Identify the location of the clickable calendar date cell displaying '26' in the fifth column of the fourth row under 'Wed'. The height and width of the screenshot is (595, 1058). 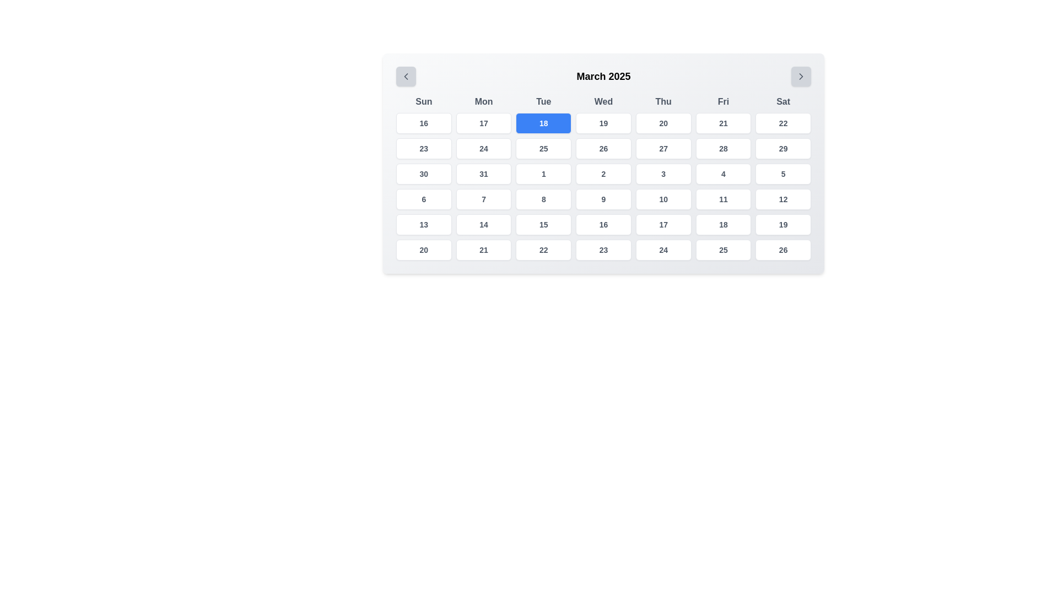
(603, 149).